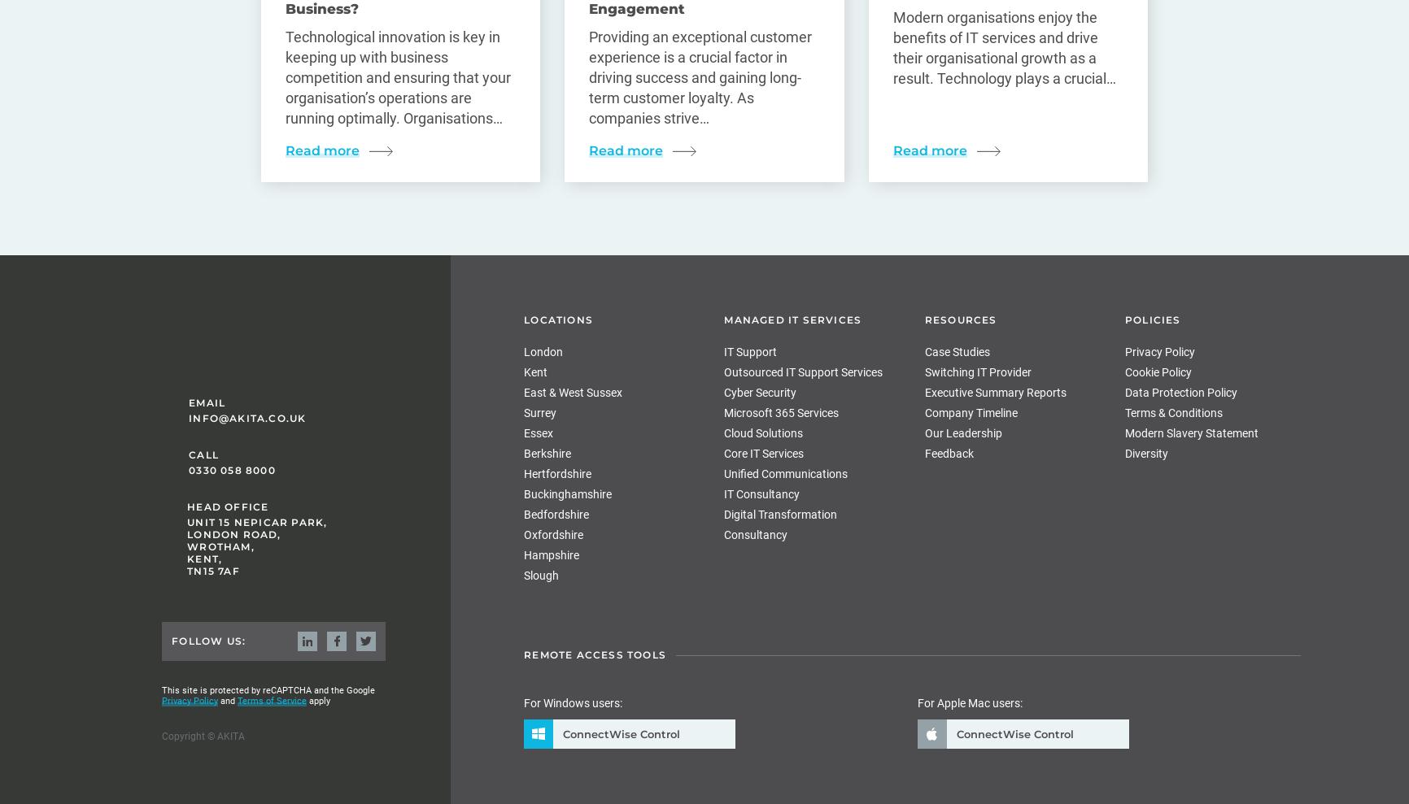 The image size is (1409, 804). What do you see at coordinates (523, 473) in the screenshot?
I see `'Hertfordshire'` at bounding box center [523, 473].